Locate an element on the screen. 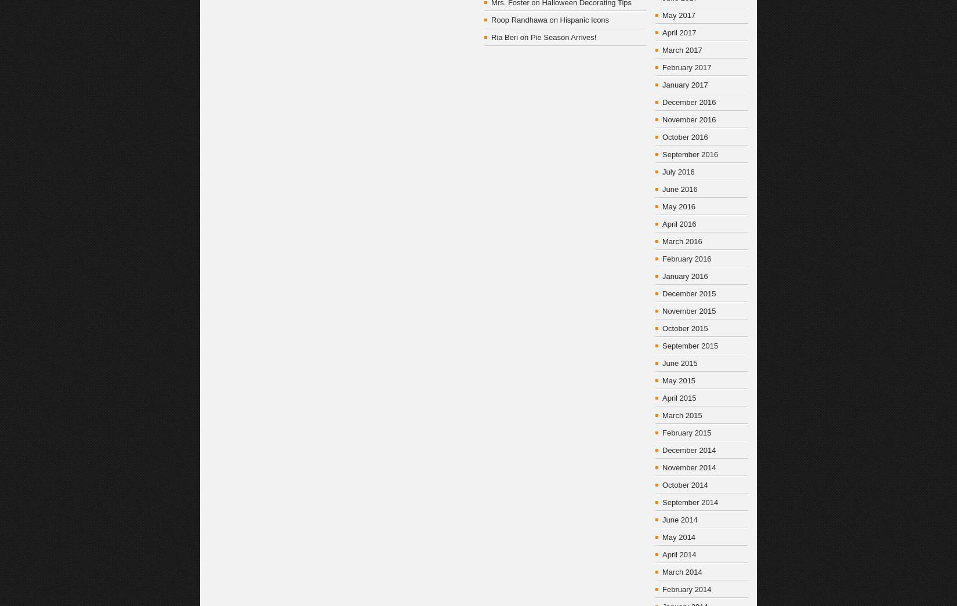 The height and width of the screenshot is (606, 957). 'March 2016' is located at coordinates (681, 241).